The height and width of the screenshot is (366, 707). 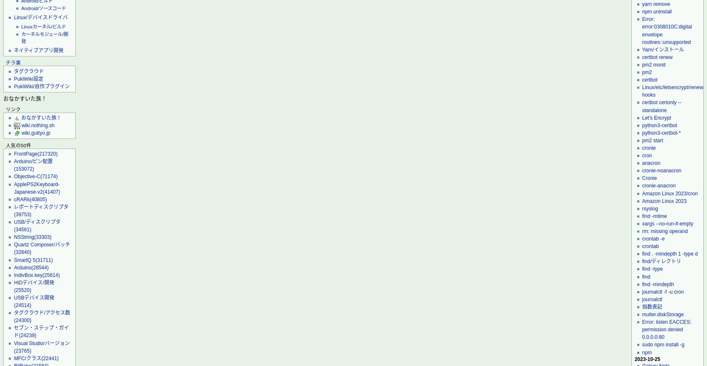 I want to click on '人気の50件', so click(x=18, y=145).